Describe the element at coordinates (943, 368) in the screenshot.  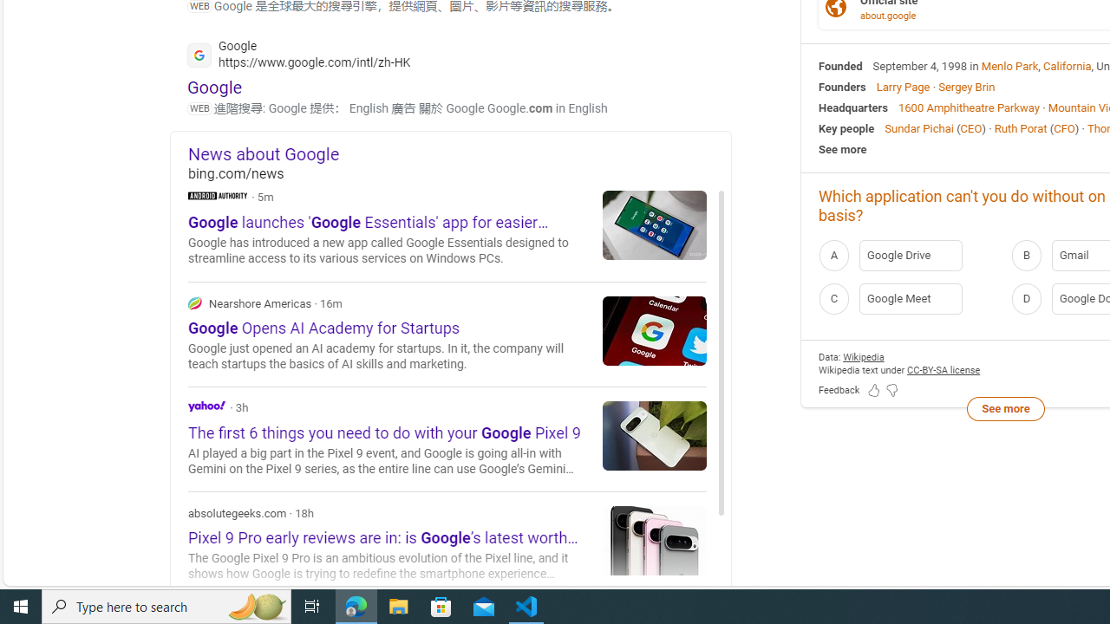
I see `'CC-BY-SA license'` at that location.